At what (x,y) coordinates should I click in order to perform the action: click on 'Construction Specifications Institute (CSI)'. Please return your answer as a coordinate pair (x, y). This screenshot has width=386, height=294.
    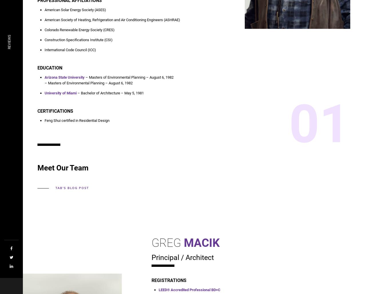
    Looking at the image, I should click on (78, 40).